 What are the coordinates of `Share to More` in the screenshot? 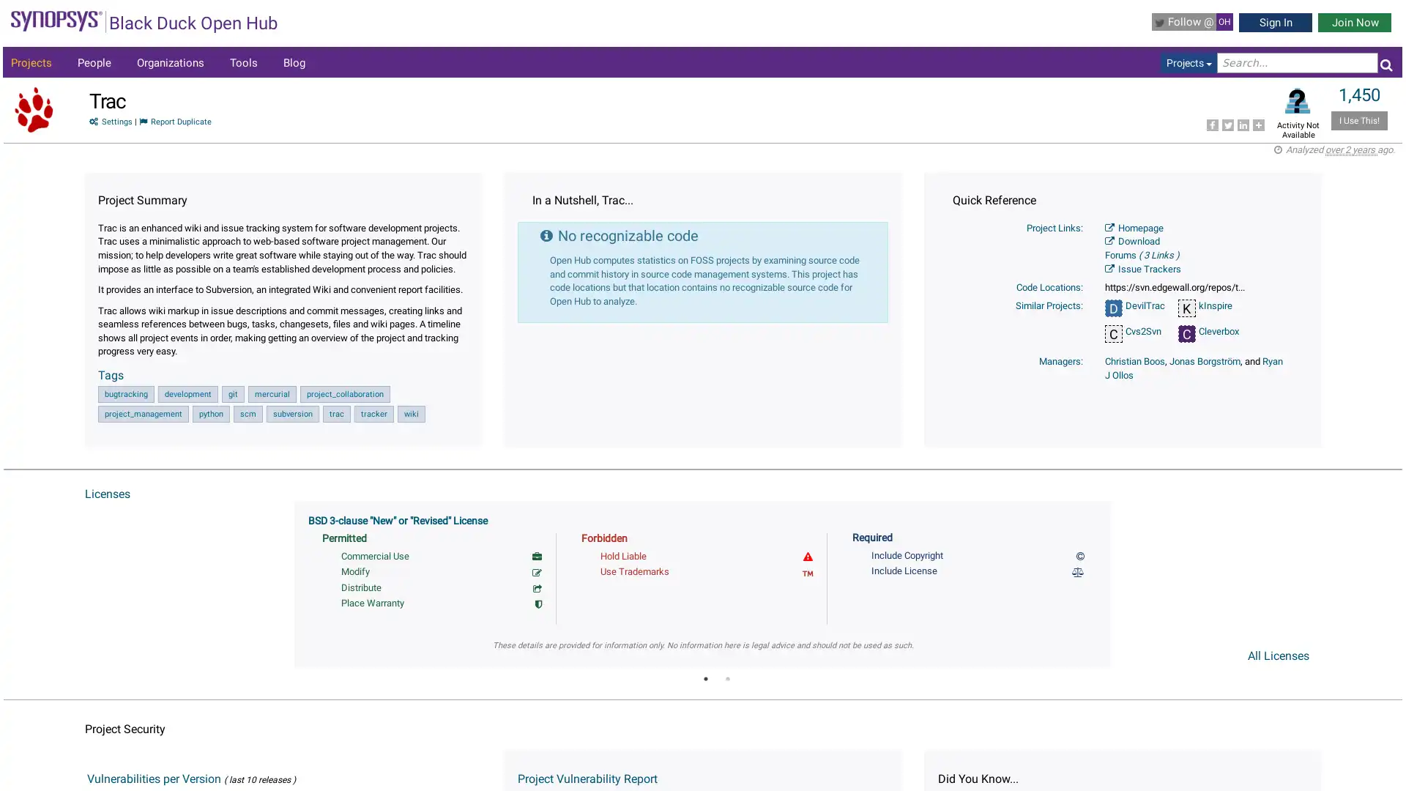 It's located at (1257, 124).